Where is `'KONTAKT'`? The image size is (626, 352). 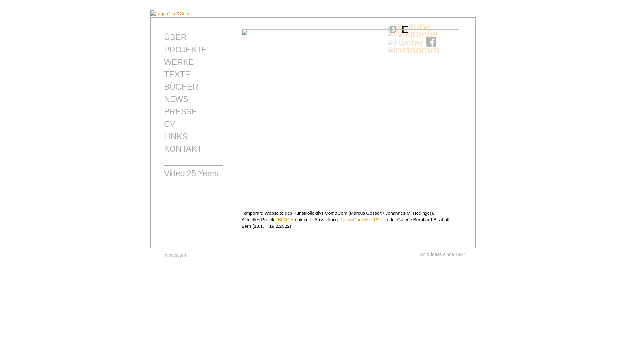 'KONTAKT' is located at coordinates (183, 148).